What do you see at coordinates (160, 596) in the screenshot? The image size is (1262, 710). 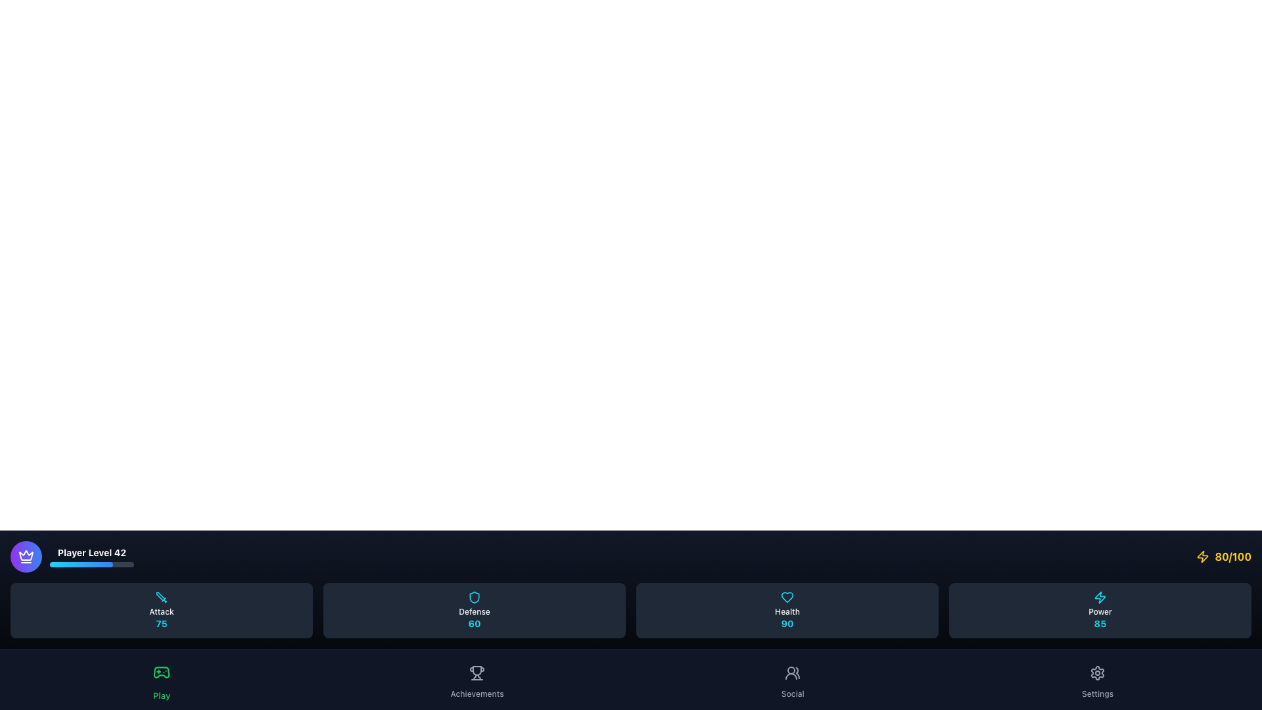 I see `the 'Attack' icon, which visually represents the sword graphic in the player stats interface` at bounding box center [160, 596].